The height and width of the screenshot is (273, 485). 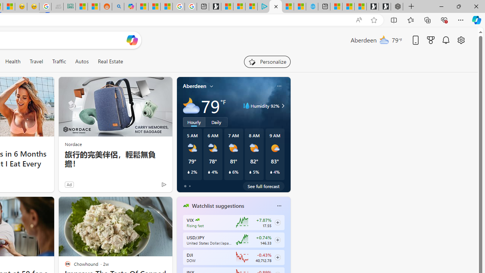 I want to click on 'Humidity 92%', so click(x=282, y=106).